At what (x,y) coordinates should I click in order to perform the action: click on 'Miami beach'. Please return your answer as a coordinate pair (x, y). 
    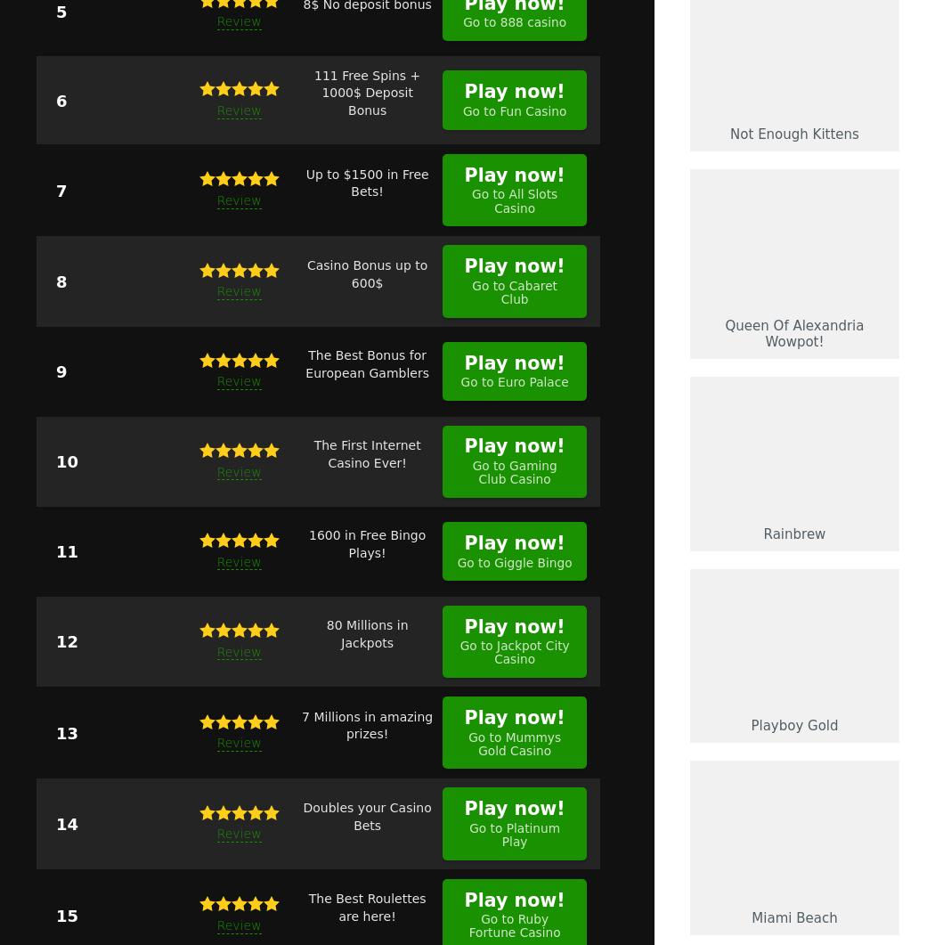
    Looking at the image, I should click on (793, 916).